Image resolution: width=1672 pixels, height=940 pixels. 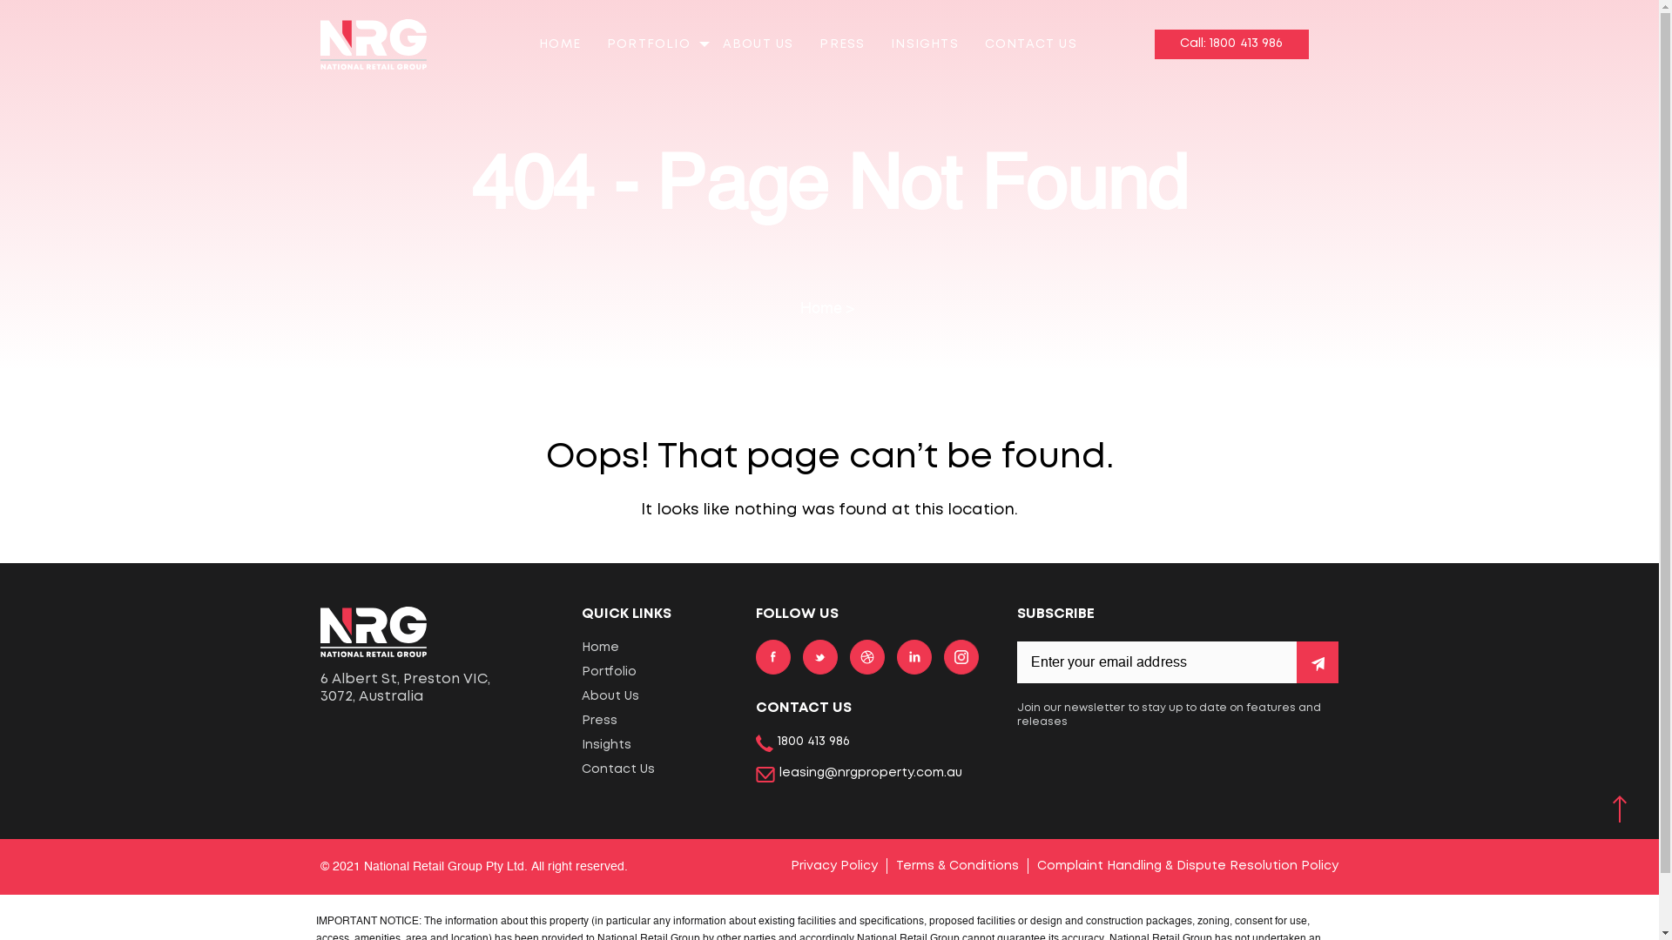 I want to click on 'Insights', so click(x=655, y=744).